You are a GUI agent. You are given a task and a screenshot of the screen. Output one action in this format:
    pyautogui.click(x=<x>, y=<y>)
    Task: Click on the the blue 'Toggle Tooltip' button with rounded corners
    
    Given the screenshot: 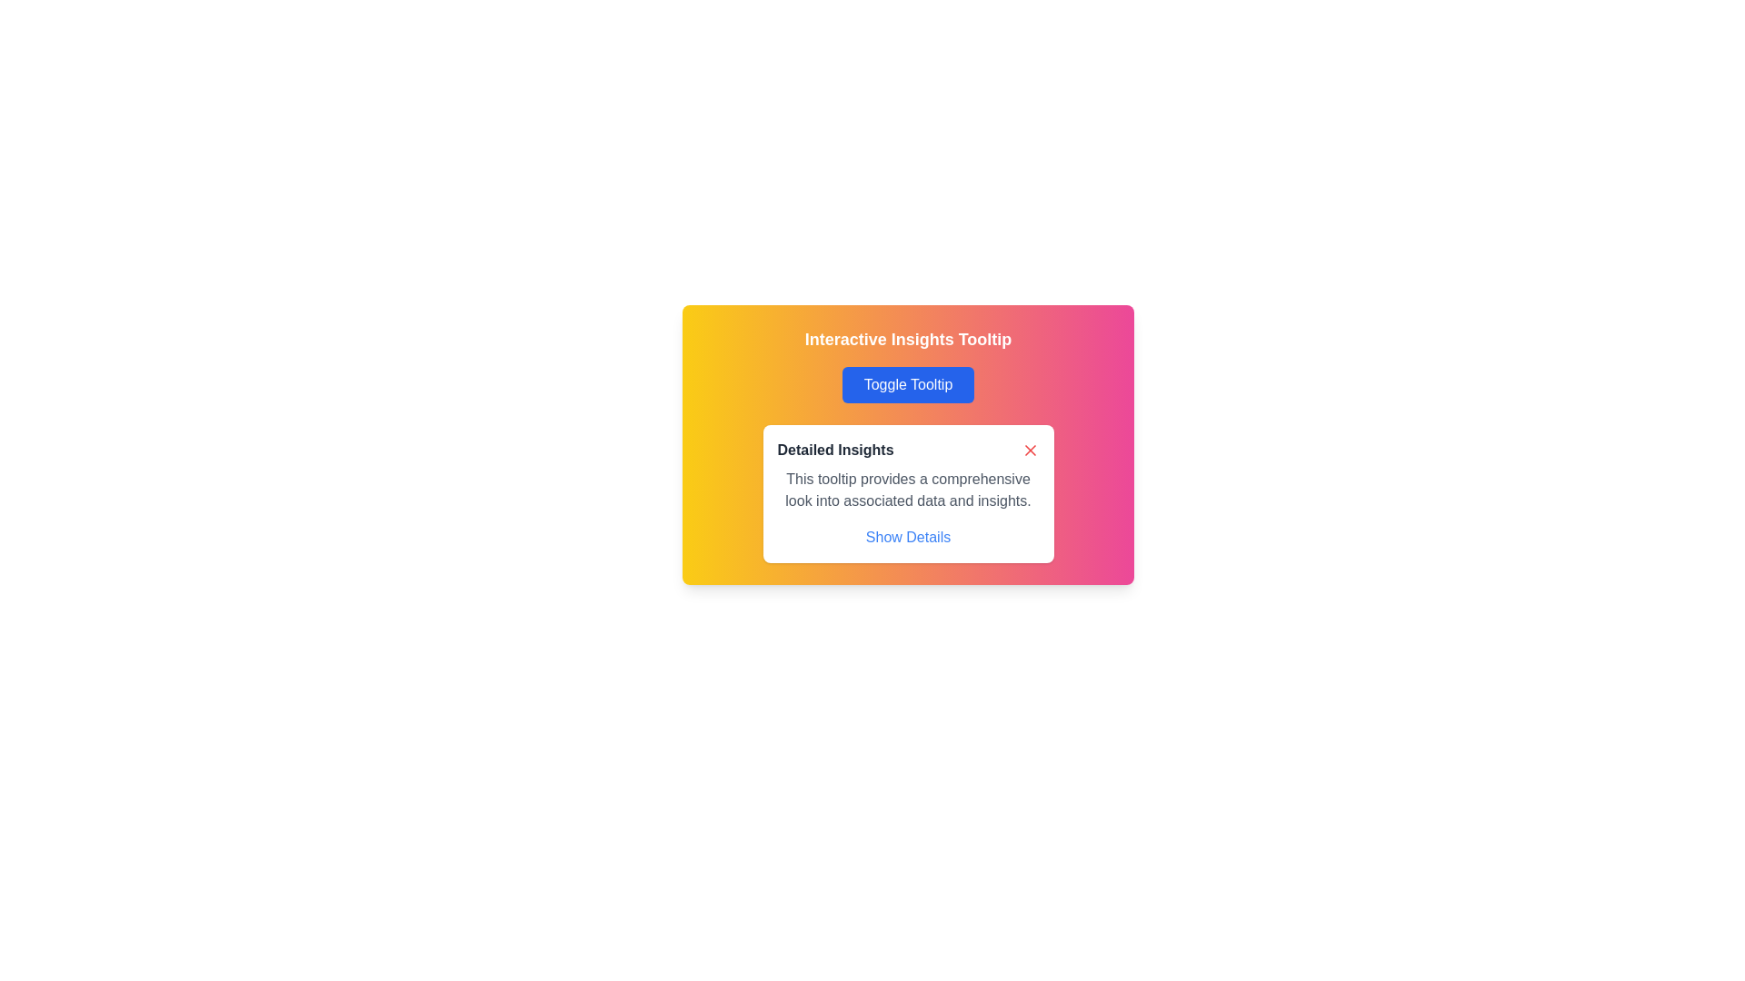 What is the action you would take?
    pyautogui.click(x=908, y=384)
    